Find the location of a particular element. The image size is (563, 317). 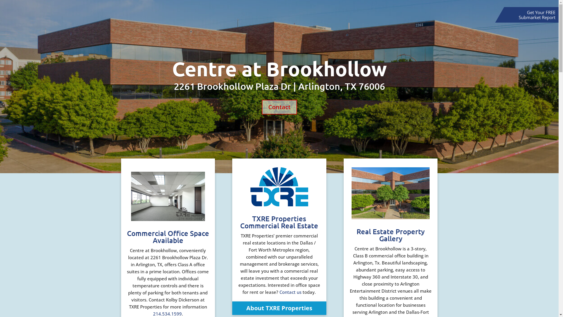

'Get Your FREE is located at coordinates (537, 14).